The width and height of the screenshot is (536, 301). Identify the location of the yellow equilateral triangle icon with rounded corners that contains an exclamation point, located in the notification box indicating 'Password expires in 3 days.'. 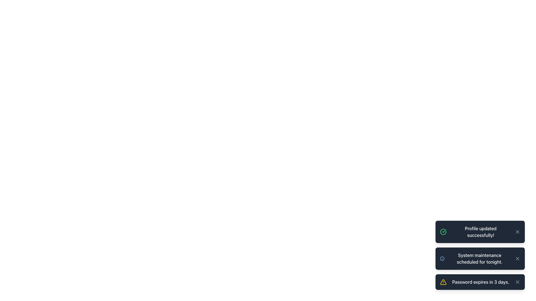
(443, 282).